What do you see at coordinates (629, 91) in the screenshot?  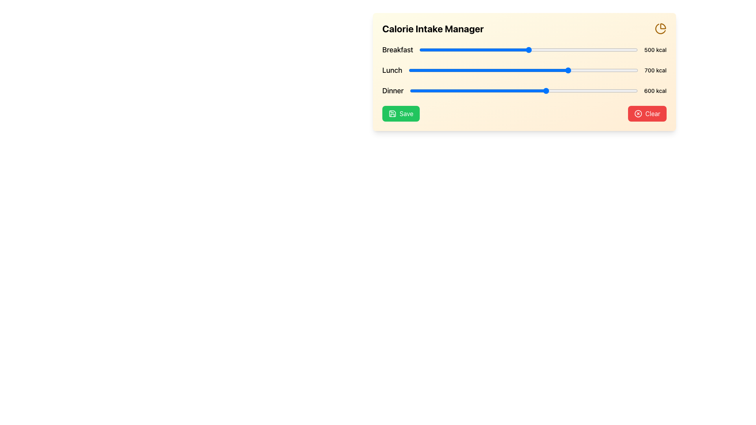 I see `Dinner kcal` at bounding box center [629, 91].